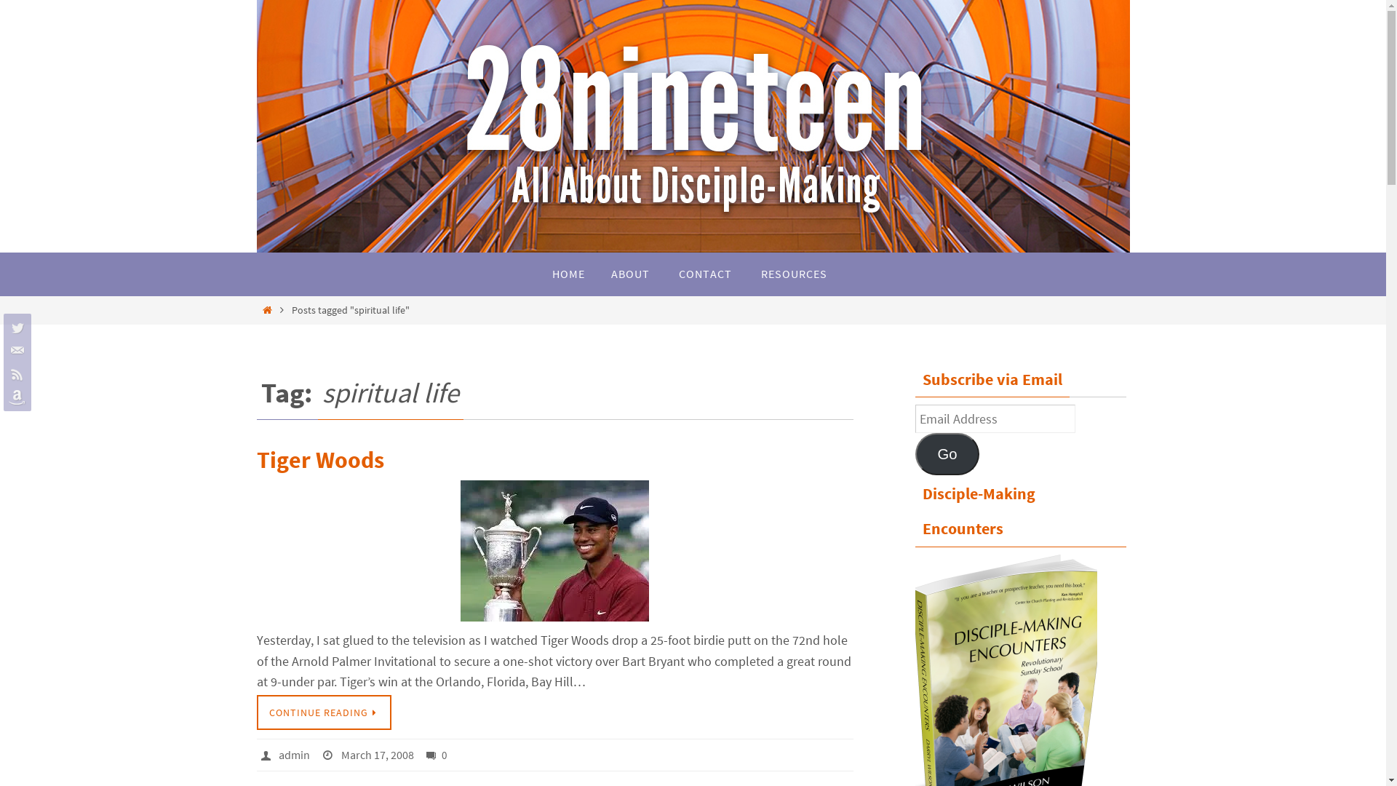  Describe the element at coordinates (268, 754) in the screenshot. I see `'Author '` at that location.